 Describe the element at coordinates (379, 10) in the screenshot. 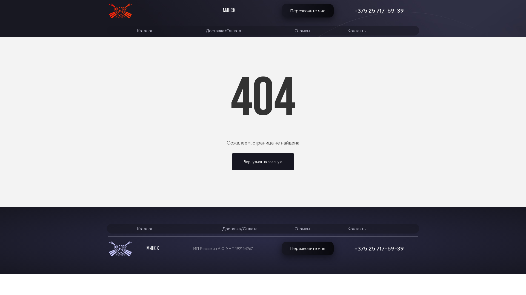

I see `'+375 25 717-69-39'` at that location.